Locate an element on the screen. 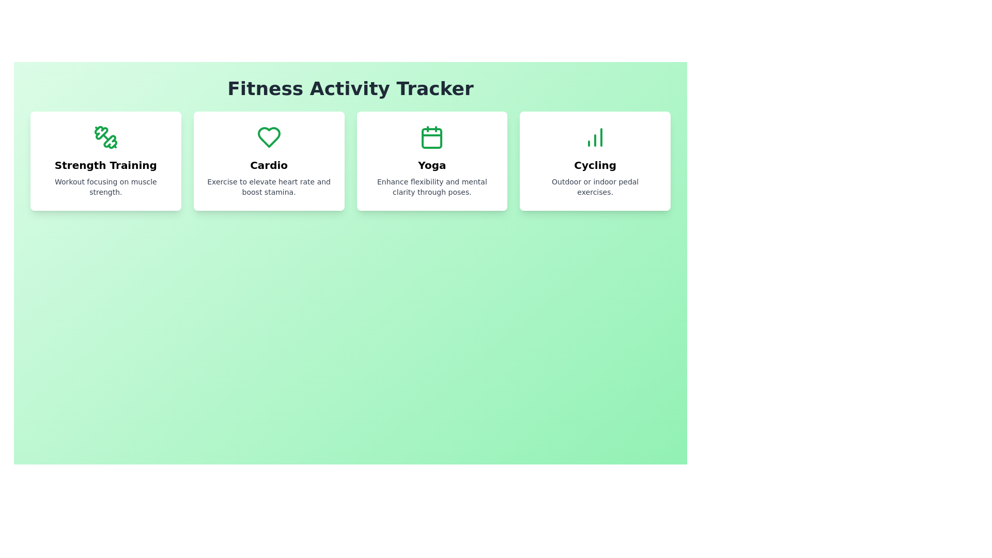 The image size is (992, 558). text displayed in the text block that says 'Exercise to elevate heart rate and boost stamina.' which is located beneath the title 'Cardio' in a gray font is located at coordinates (269, 187).